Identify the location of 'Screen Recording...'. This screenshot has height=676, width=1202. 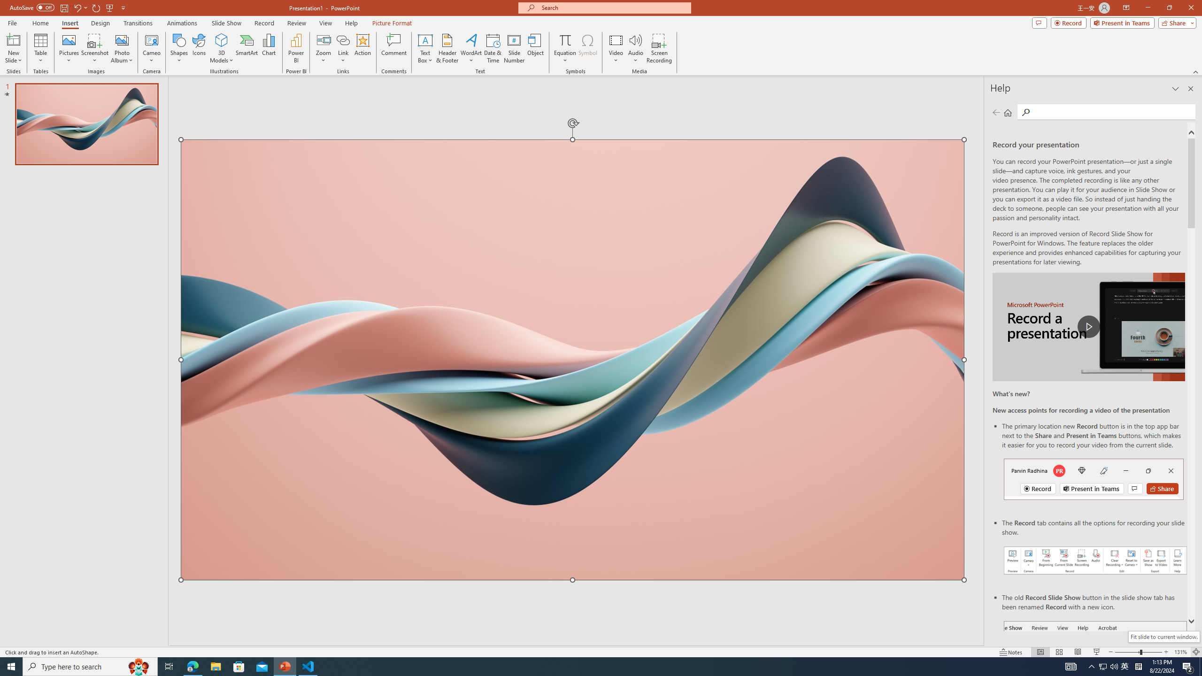
(659, 48).